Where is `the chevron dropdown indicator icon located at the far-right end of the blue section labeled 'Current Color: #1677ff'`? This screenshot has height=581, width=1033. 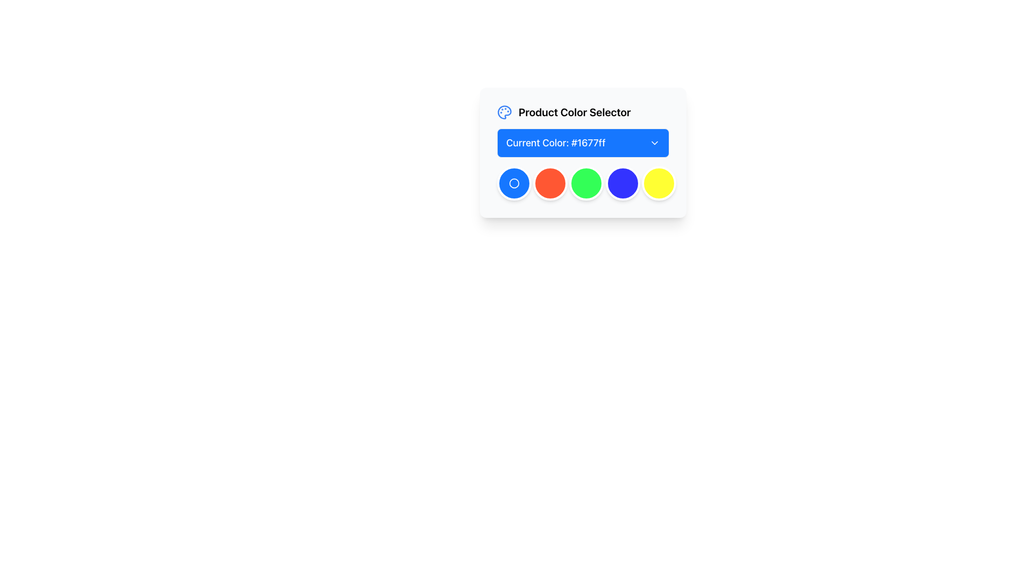
the chevron dropdown indicator icon located at the far-right end of the blue section labeled 'Current Color: #1677ff' is located at coordinates (654, 143).